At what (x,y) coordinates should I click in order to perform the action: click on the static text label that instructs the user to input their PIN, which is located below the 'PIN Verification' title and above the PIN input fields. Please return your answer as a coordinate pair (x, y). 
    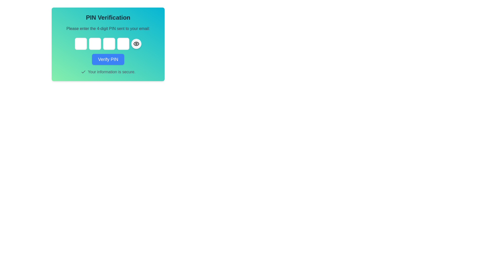
    Looking at the image, I should click on (108, 29).